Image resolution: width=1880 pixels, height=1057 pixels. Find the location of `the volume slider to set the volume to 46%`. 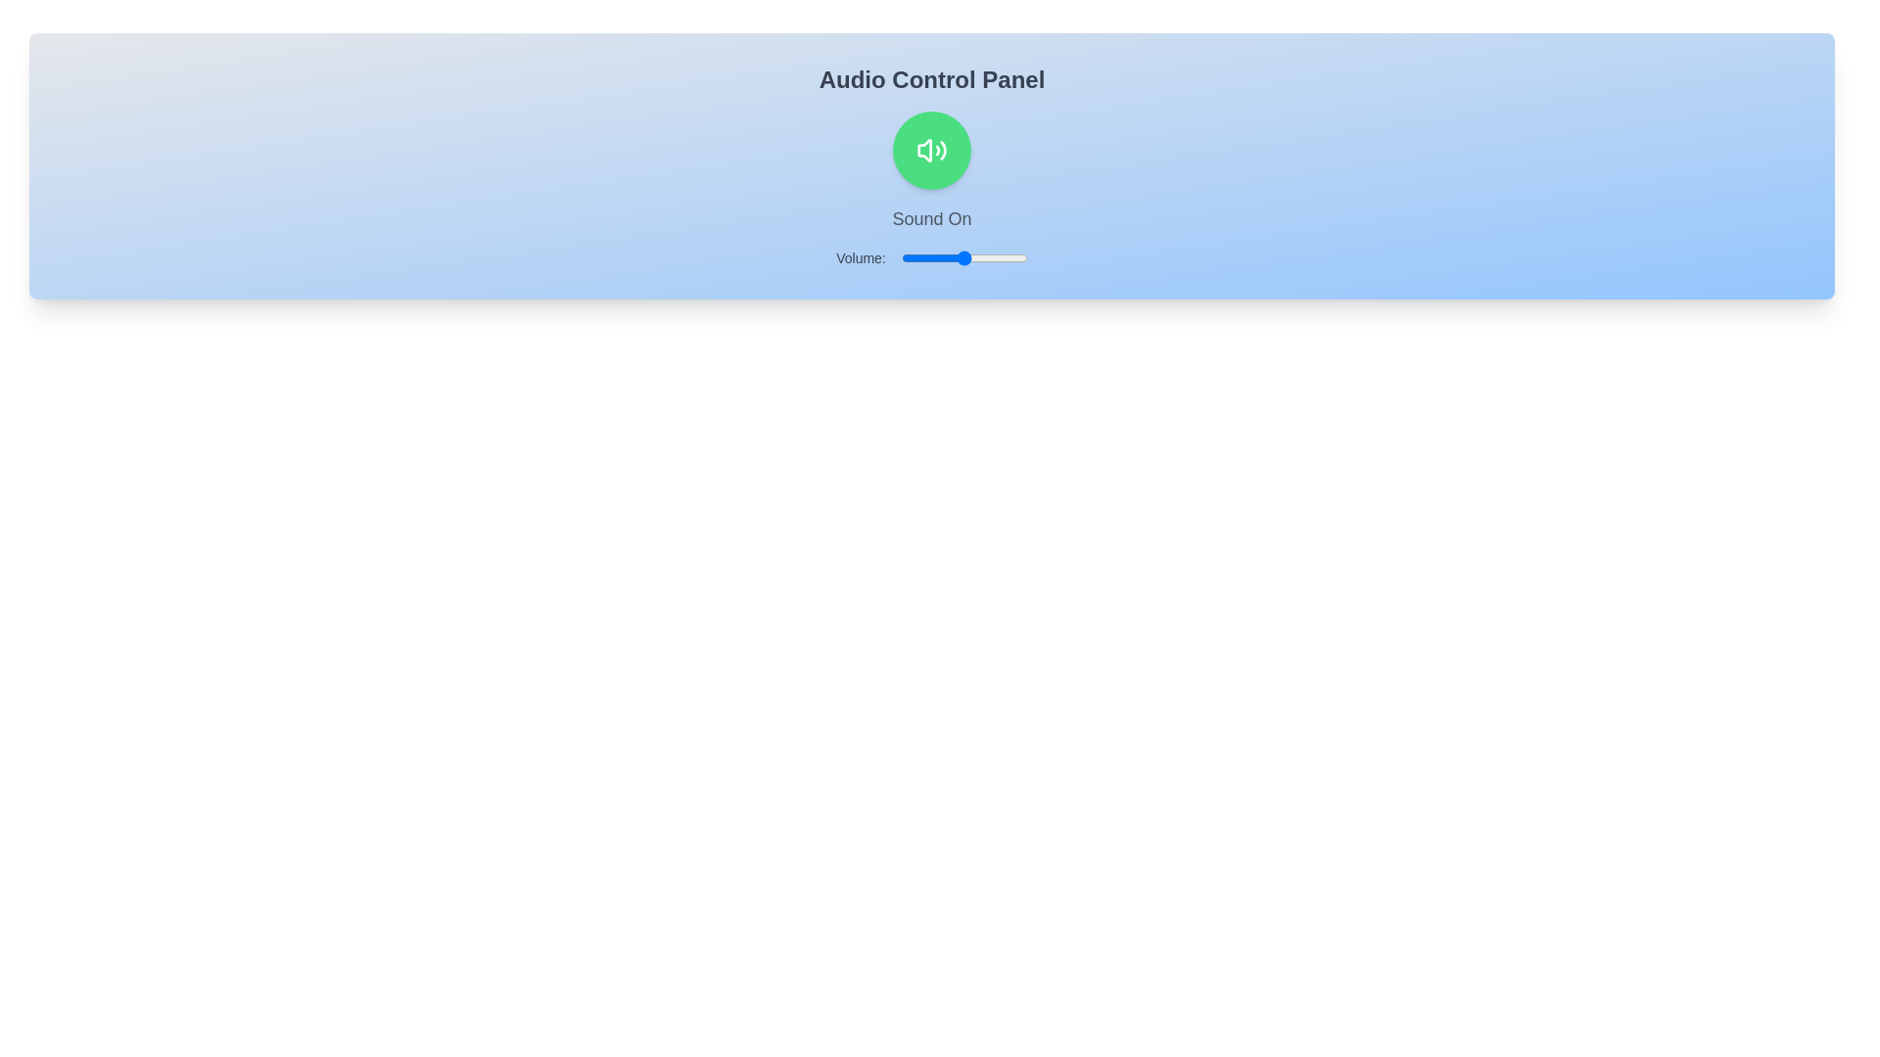

the volume slider to set the volume to 46% is located at coordinates (960, 256).